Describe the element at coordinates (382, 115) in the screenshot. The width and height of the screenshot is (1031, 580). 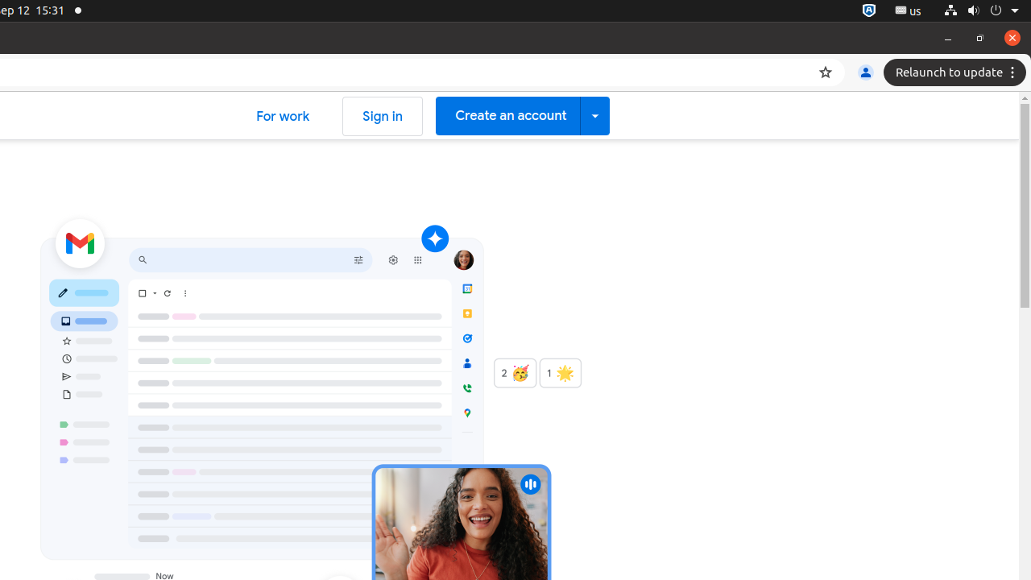
I see `'Sign in'` at that location.